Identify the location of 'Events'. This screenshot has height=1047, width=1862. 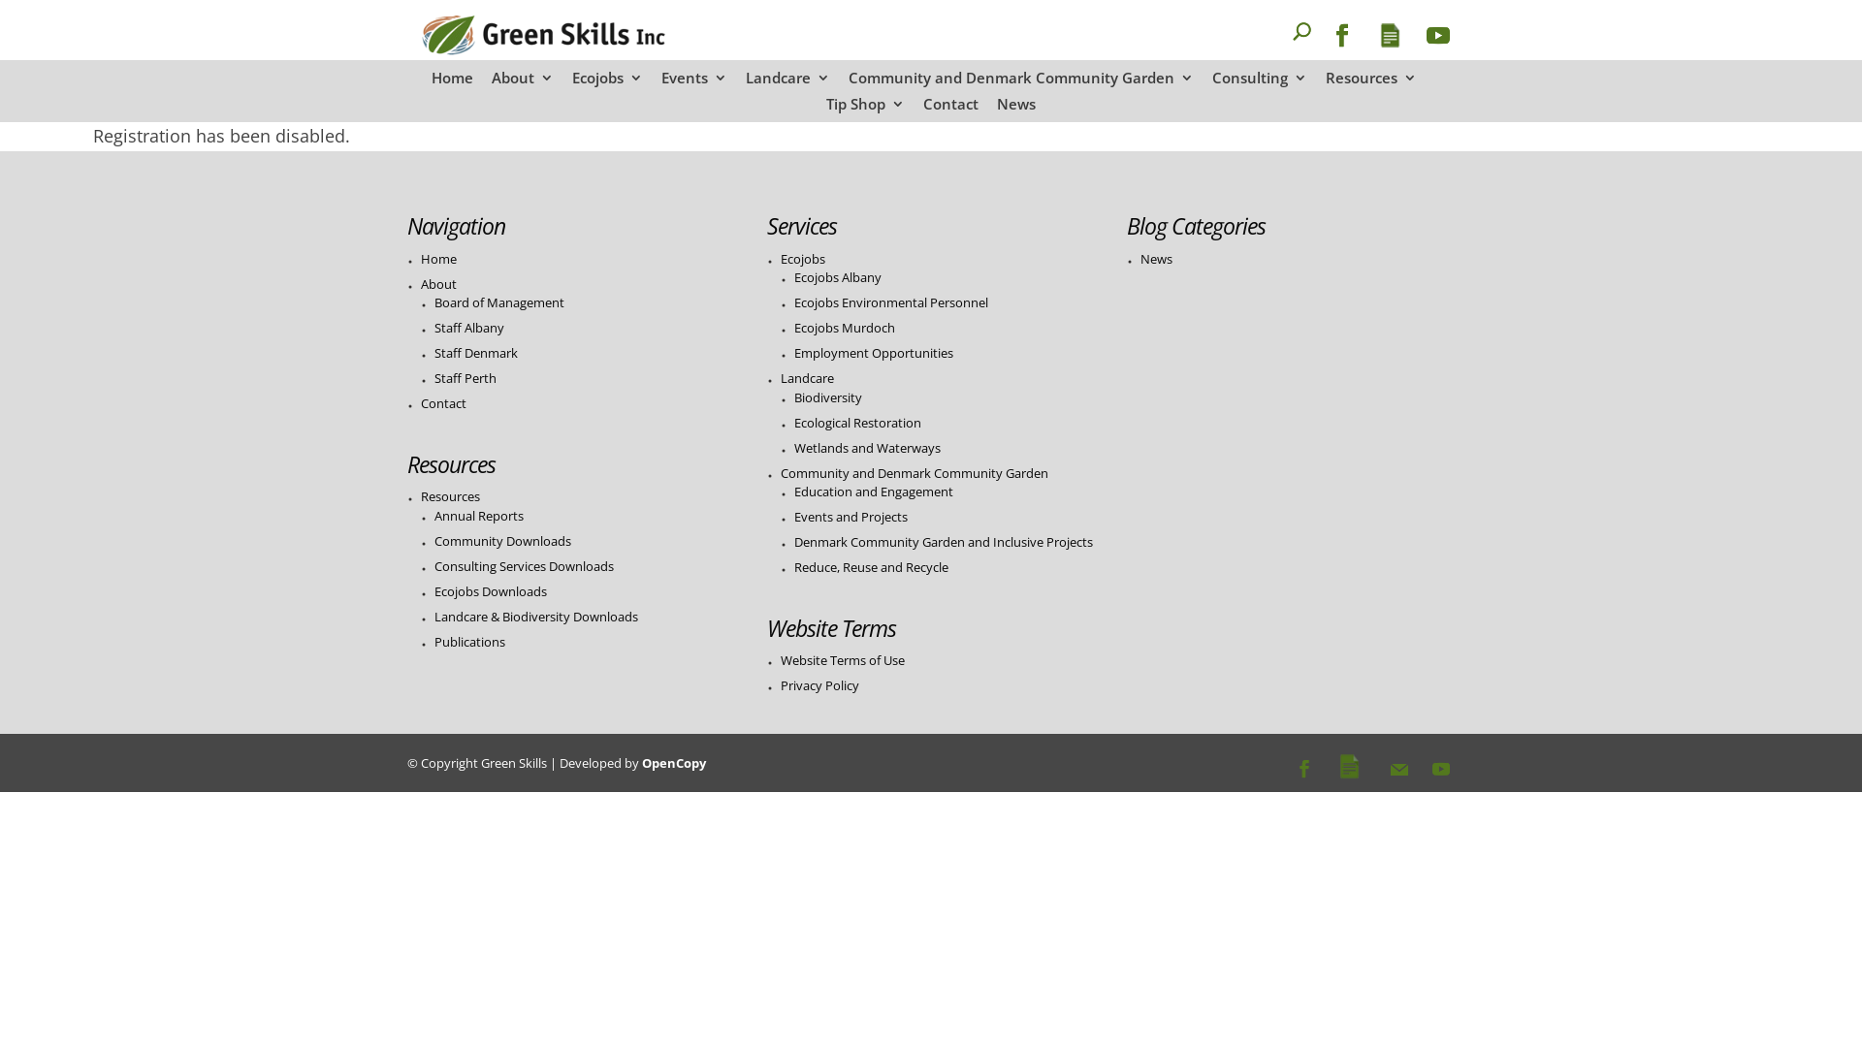
(660, 81).